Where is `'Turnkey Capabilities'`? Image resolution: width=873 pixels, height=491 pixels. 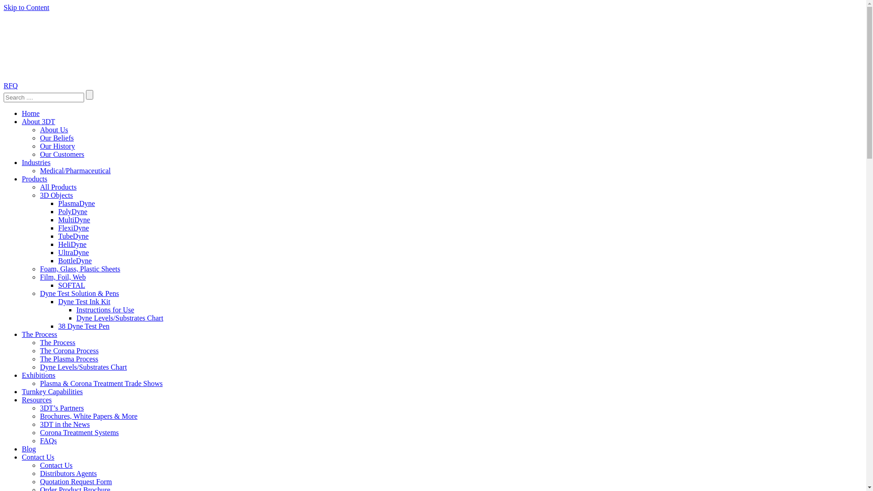 'Turnkey Capabilities' is located at coordinates (52, 391).